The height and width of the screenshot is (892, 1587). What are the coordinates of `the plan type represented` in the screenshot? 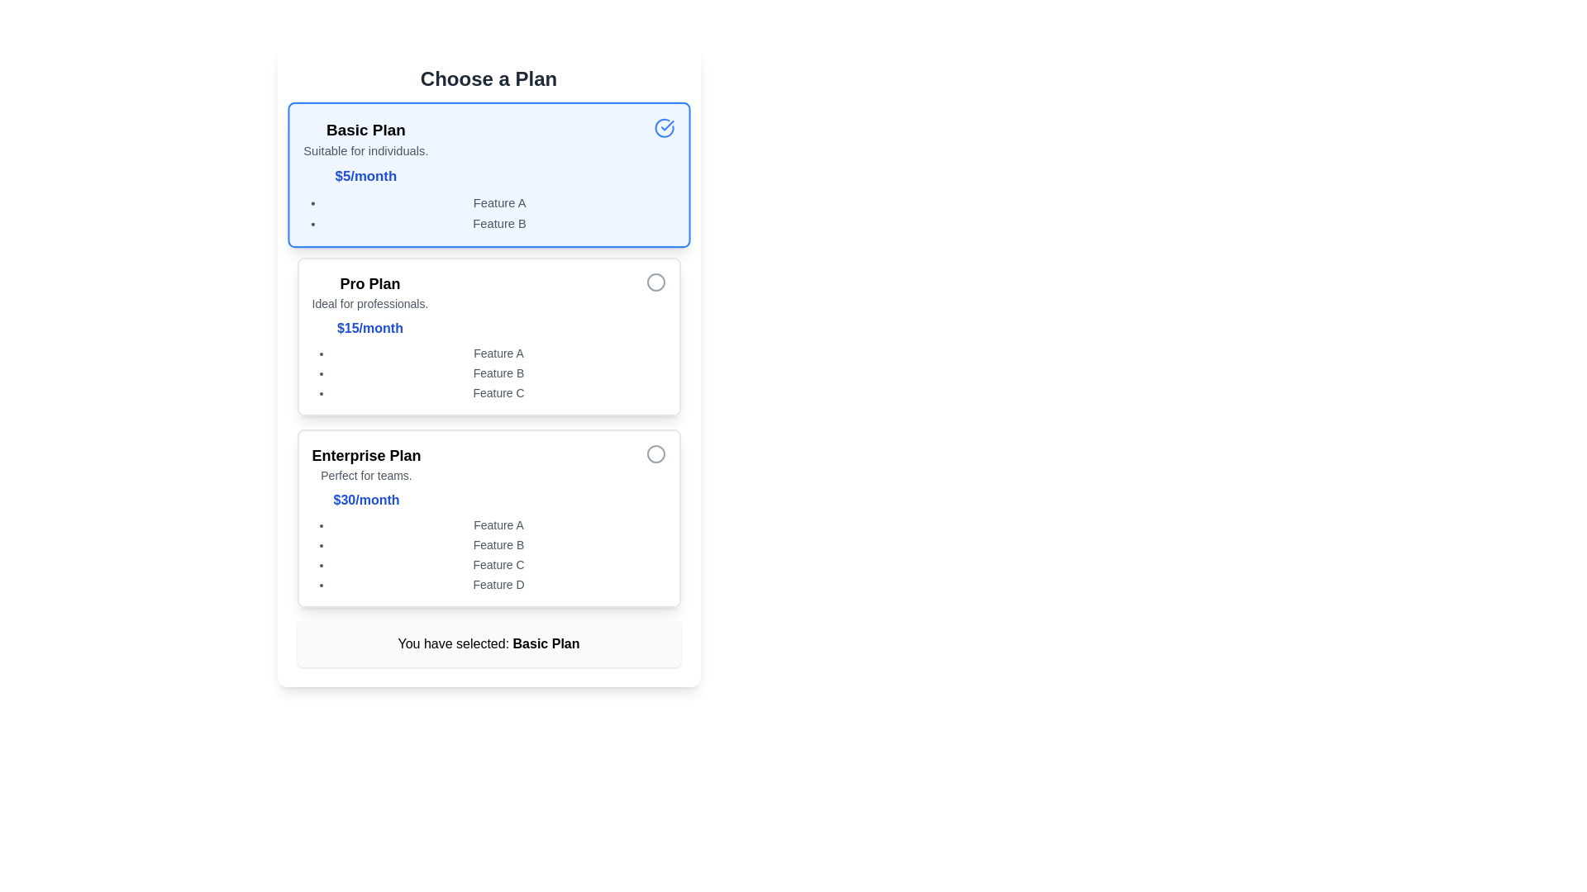 It's located at (365, 455).